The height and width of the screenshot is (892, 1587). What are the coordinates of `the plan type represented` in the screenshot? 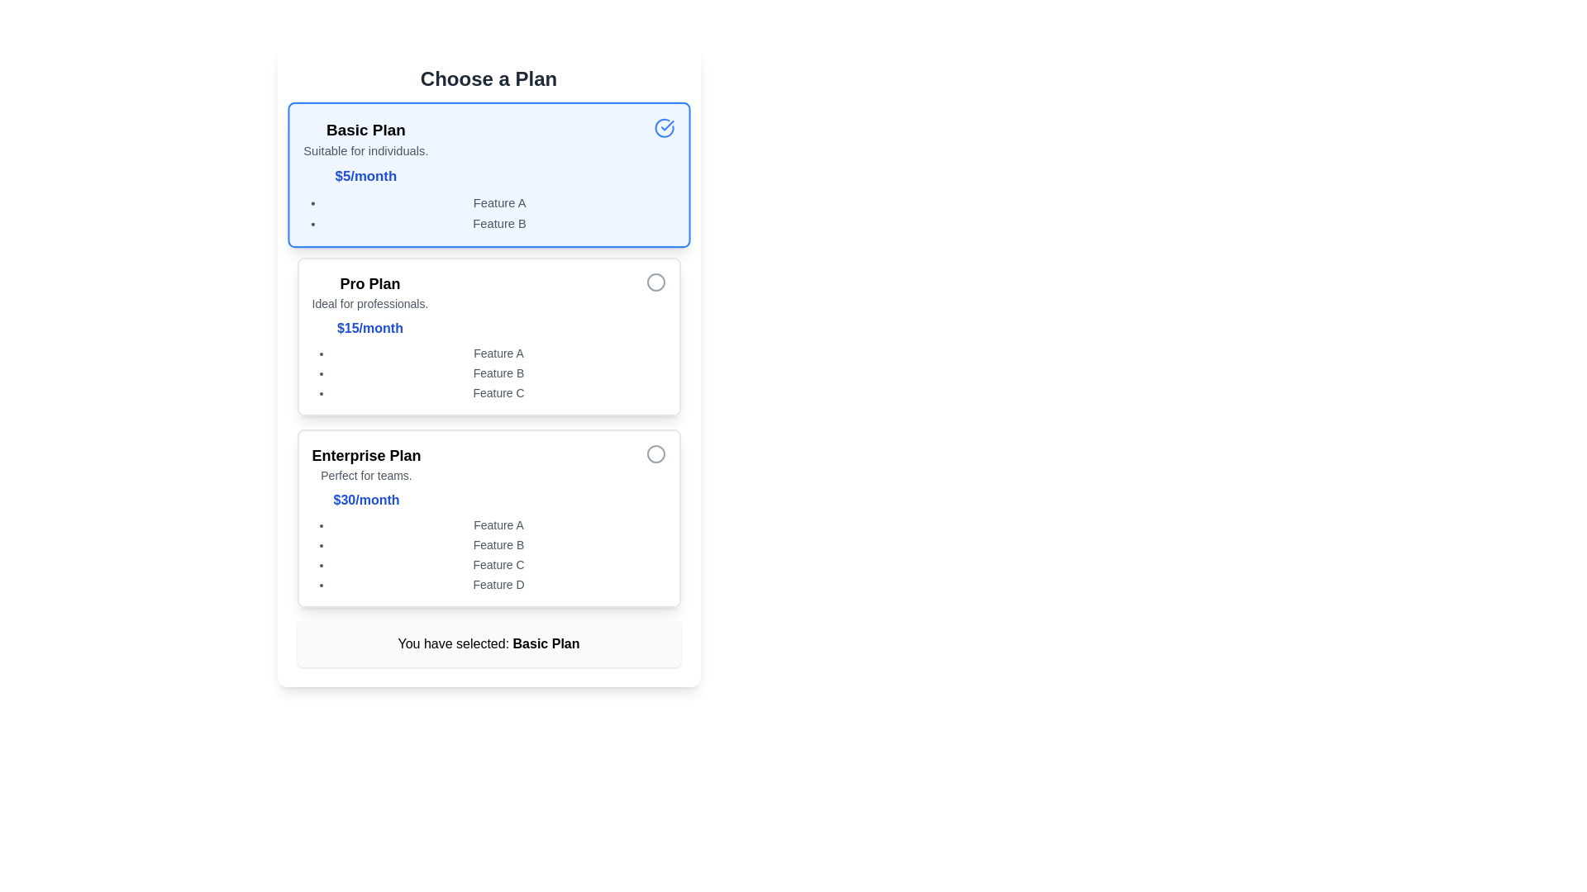 It's located at (365, 455).